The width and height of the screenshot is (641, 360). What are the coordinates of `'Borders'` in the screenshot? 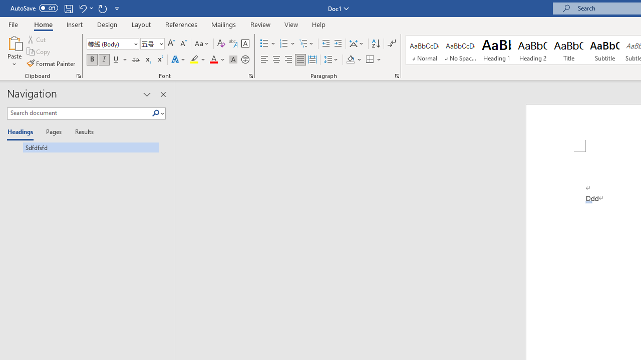 It's located at (370, 59).